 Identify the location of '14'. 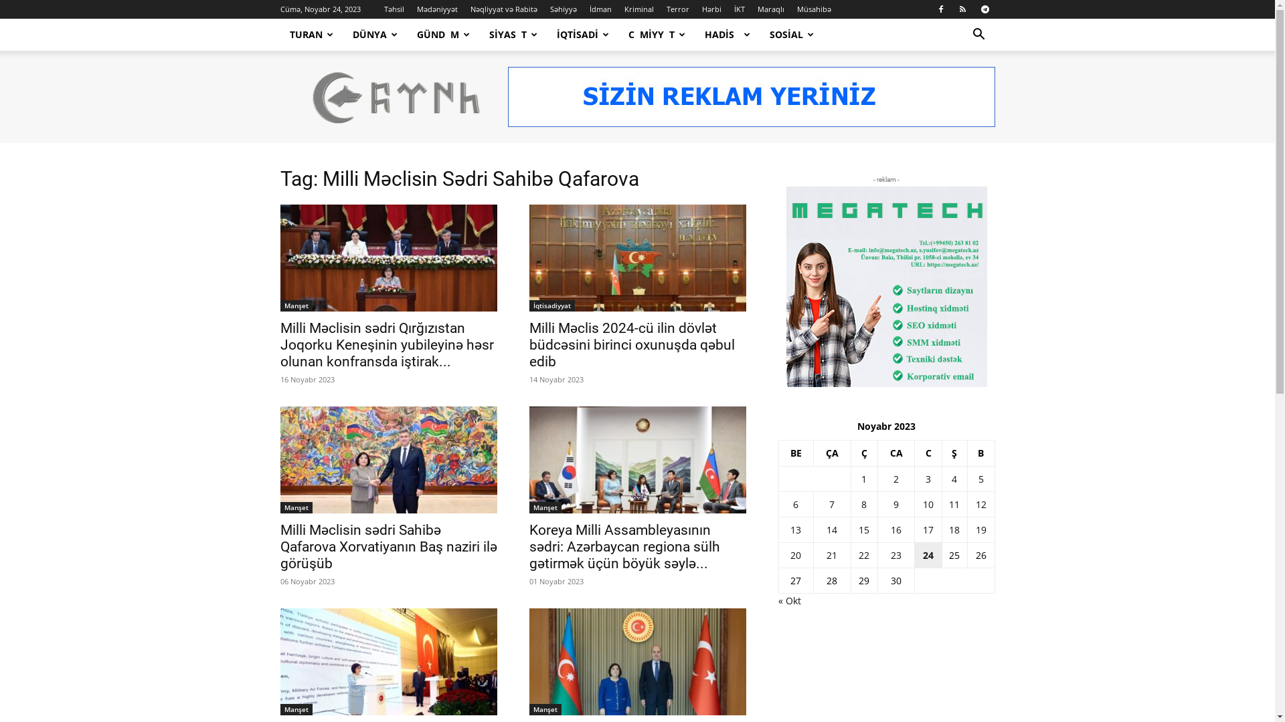
(831, 529).